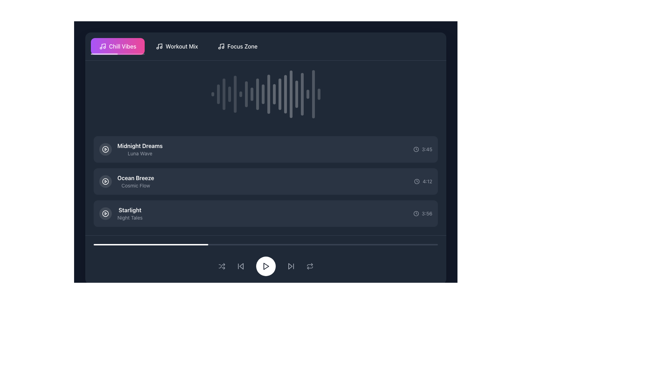 This screenshot has width=671, height=377. Describe the element at coordinates (246, 94) in the screenshot. I see `the seventh bar of the audio waveform visualization component, which represents audio amplitude data` at that location.